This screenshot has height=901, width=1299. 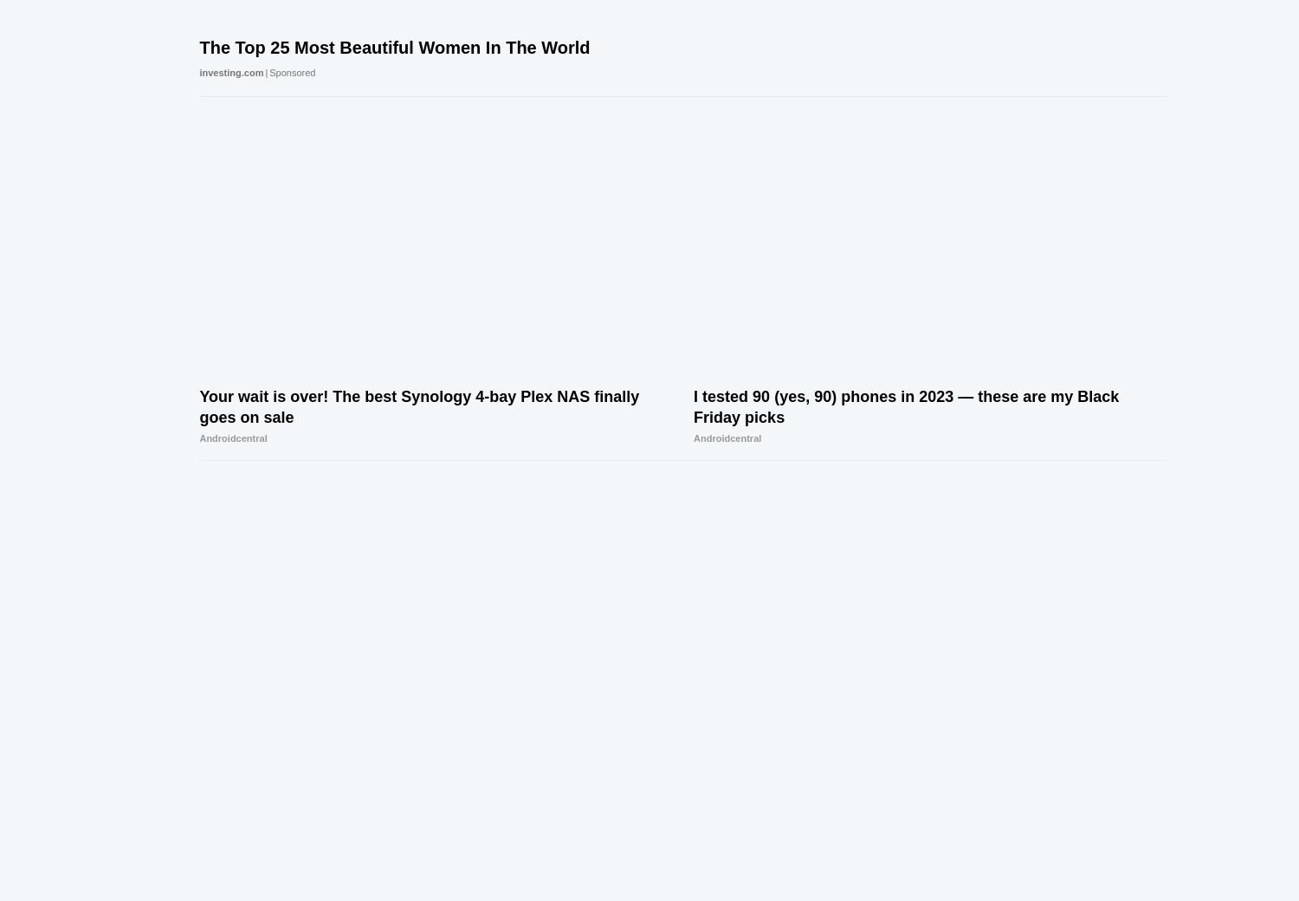 I want to click on 'Visit our corporate site', so click(x=830, y=756).